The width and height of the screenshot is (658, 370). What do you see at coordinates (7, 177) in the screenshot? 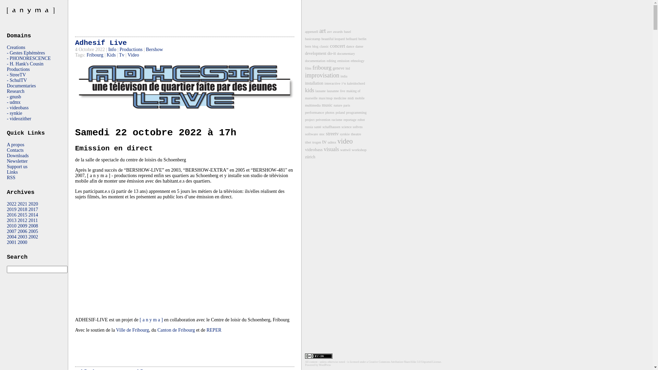
I see `'RSS'` at bounding box center [7, 177].